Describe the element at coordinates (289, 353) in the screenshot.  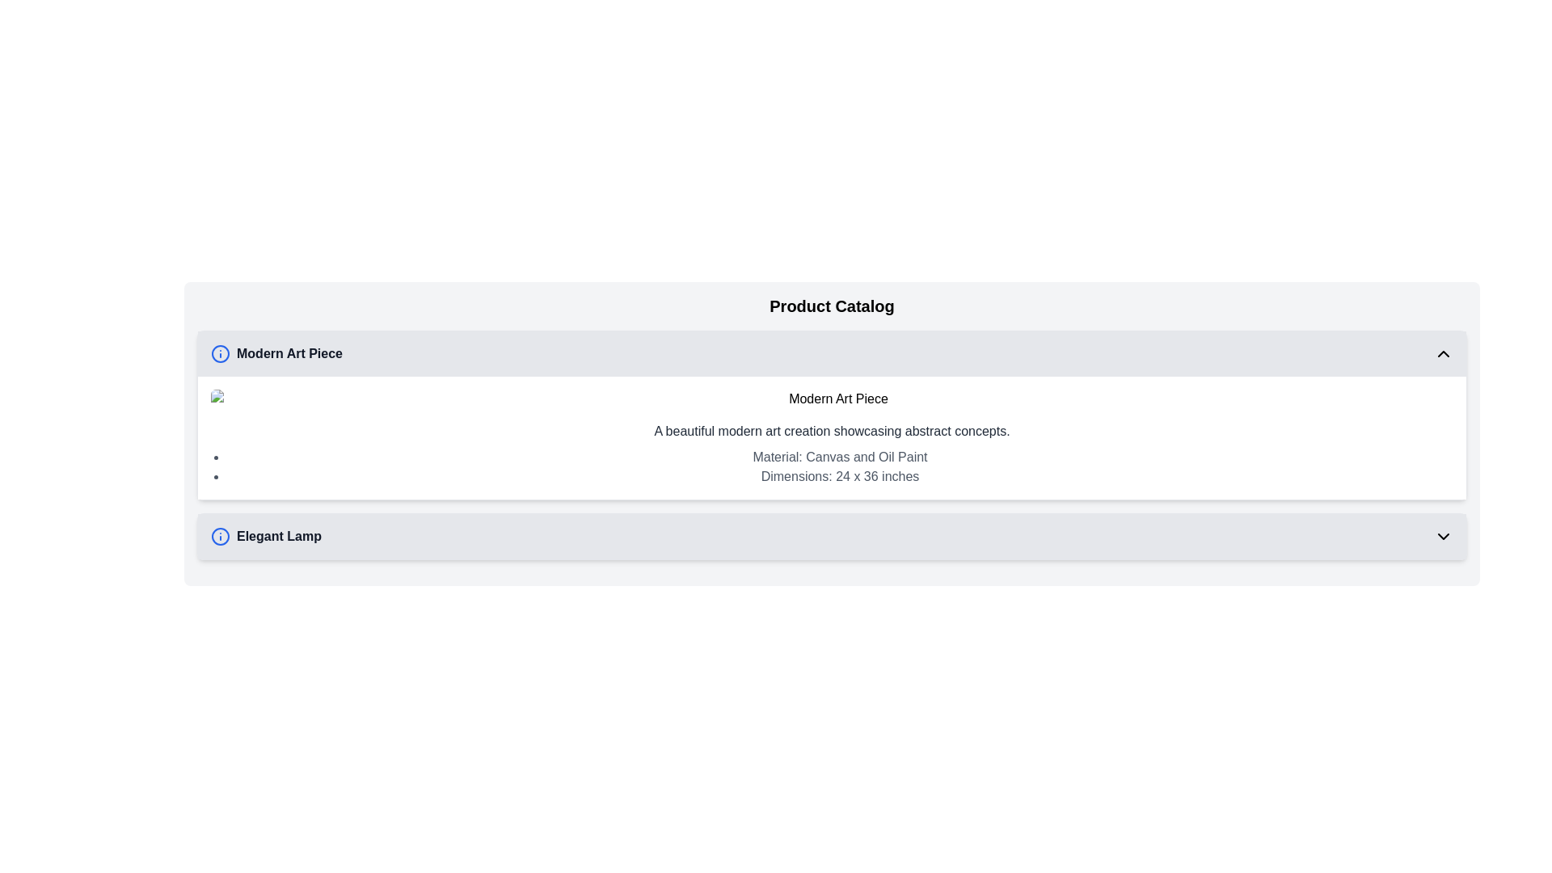
I see `the Text Label displaying 'Modern Art Piece' in bold dark gray font located under 'Product Catalog'` at that location.